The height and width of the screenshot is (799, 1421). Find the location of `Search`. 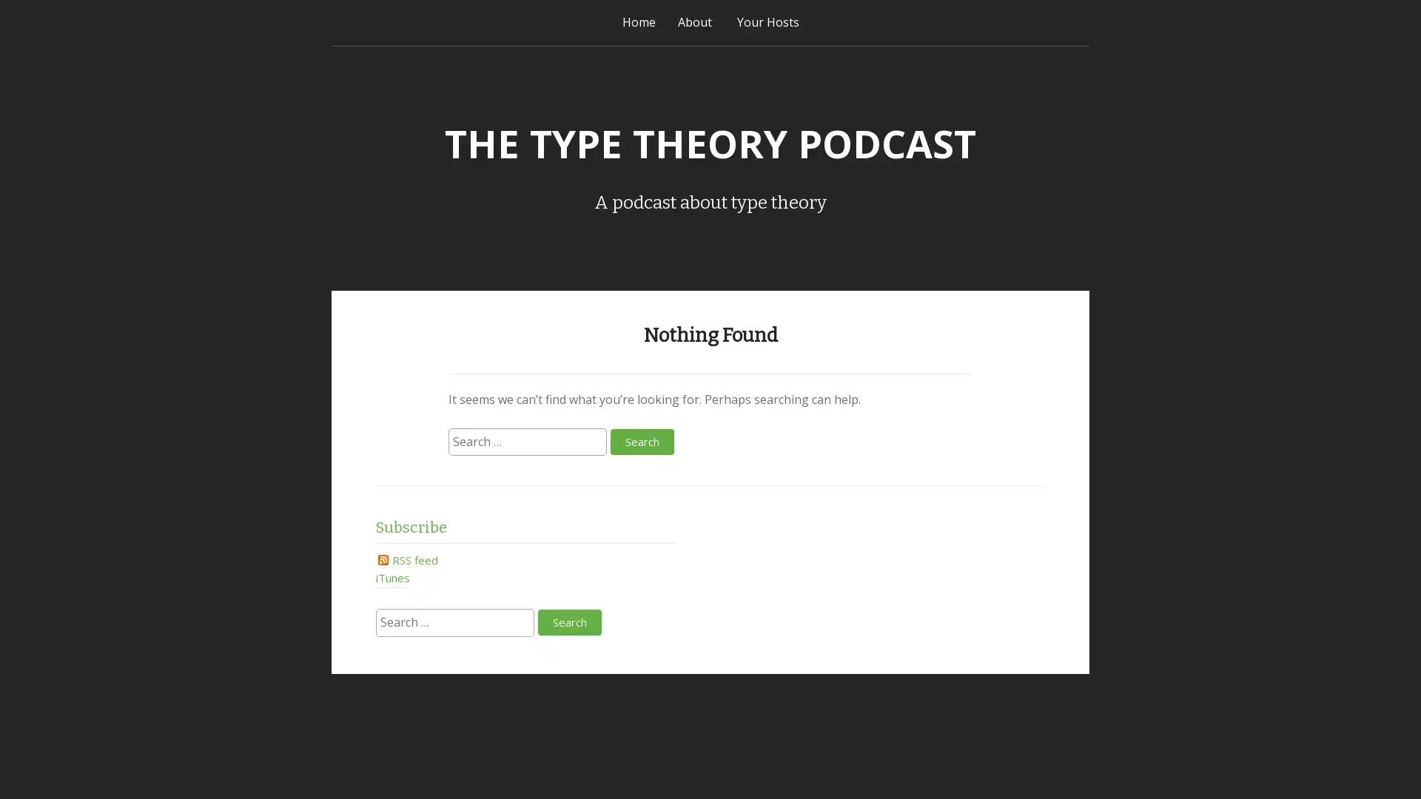

Search is located at coordinates (642, 440).